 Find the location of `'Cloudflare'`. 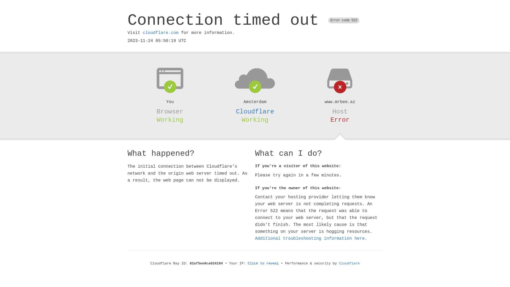

'Cloudflare' is located at coordinates (236, 111).